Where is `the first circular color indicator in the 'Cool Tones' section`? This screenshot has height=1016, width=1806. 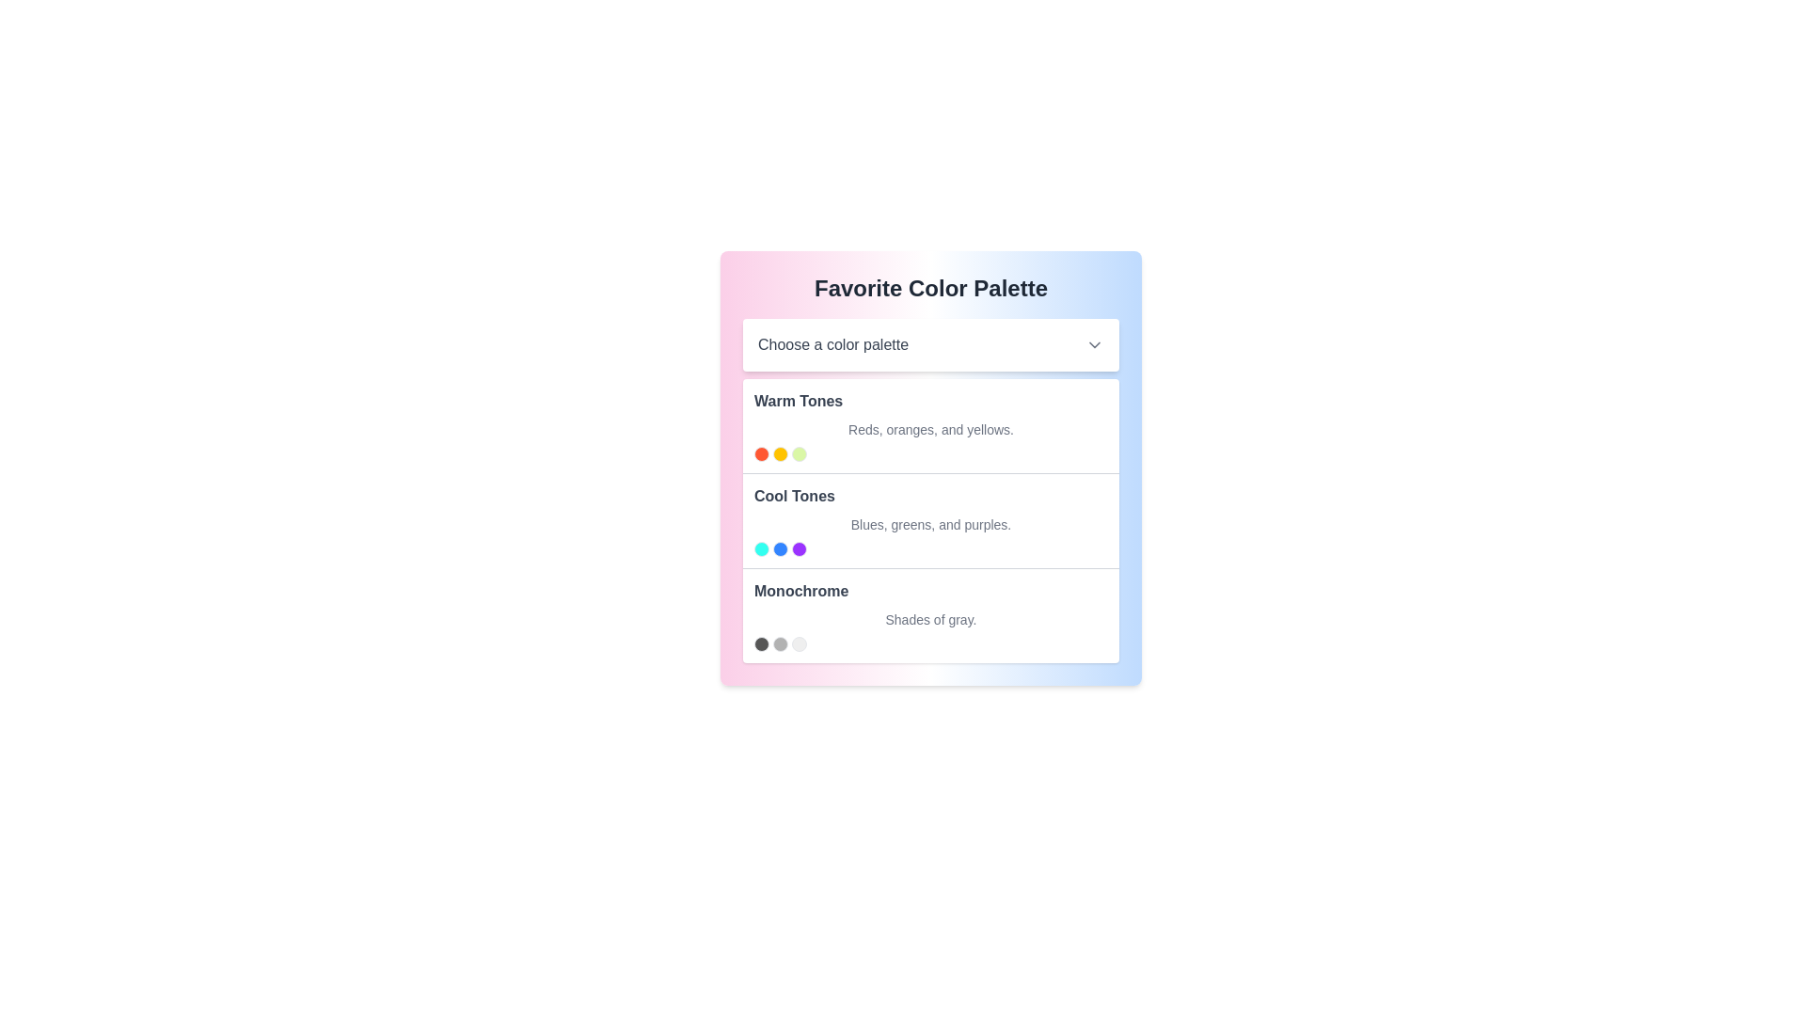 the first circular color indicator in the 'Cool Tones' section is located at coordinates (762, 548).